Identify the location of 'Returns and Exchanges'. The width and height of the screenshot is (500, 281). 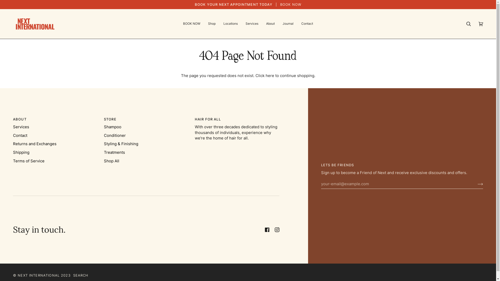
(34, 144).